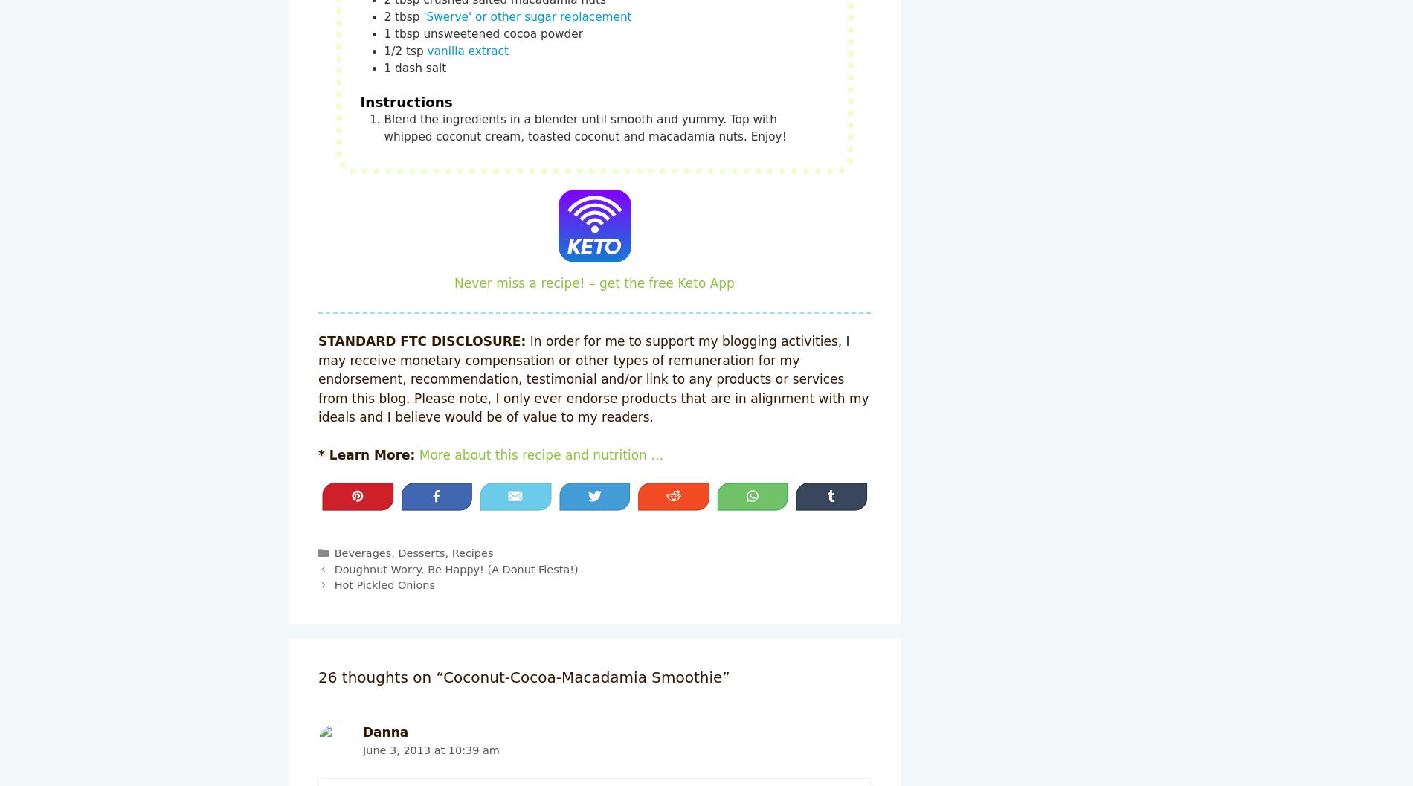 The width and height of the screenshot is (1413, 786). What do you see at coordinates (431, 748) in the screenshot?
I see `'June 3, 2013 at 10:39 am'` at bounding box center [431, 748].